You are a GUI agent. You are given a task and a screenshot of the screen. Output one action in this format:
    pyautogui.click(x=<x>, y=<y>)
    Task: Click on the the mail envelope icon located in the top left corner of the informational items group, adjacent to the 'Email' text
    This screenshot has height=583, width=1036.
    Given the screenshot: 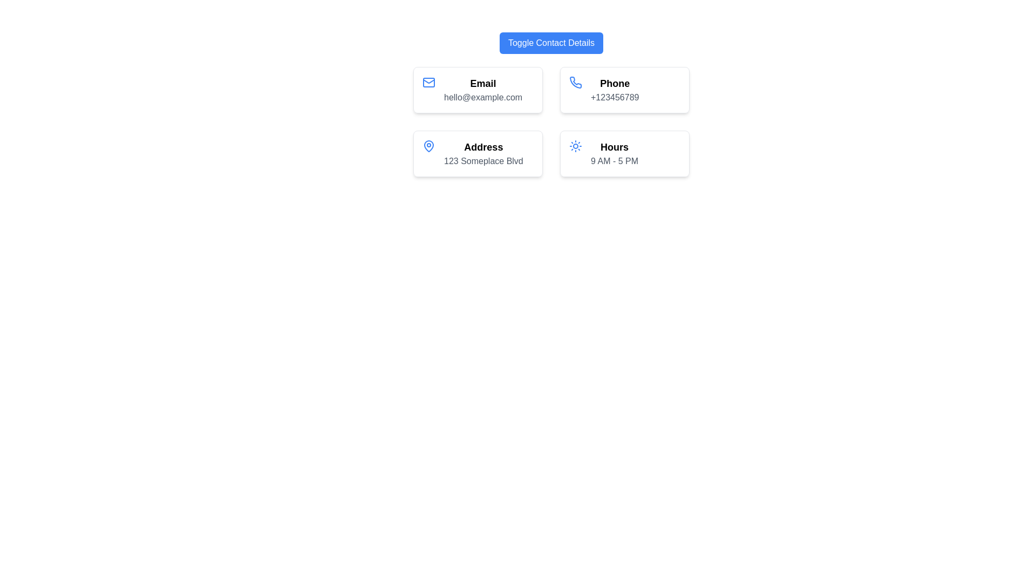 What is the action you would take?
    pyautogui.click(x=428, y=82)
    